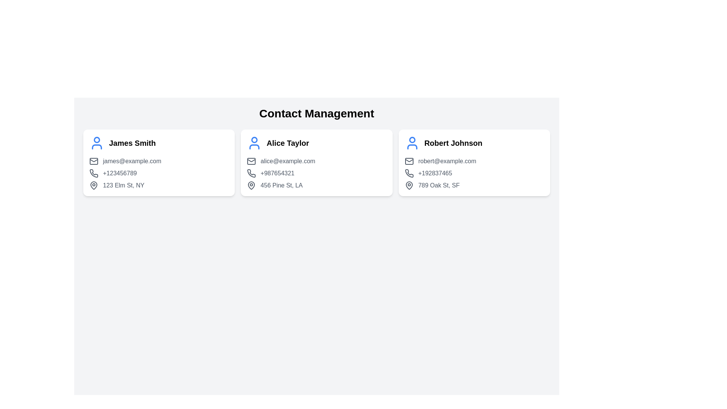  I want to click on the 'Contact Management' text header, so click(317, 114).